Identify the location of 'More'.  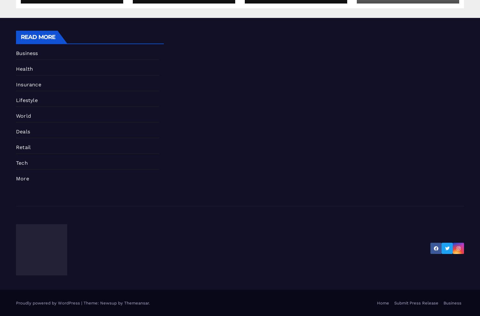
(22, 178).